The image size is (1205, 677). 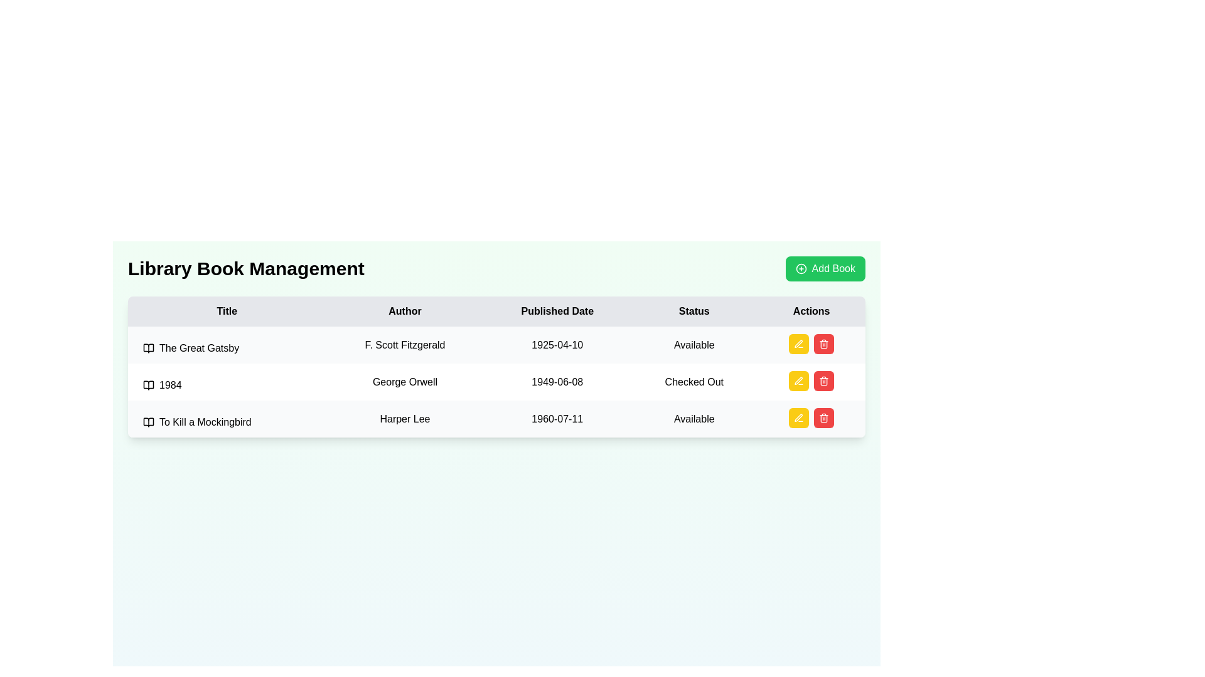 What do you see at coordinates (148, 422) in the screenshot?
I see `the open book icon located in the leftmost column under the 'Title' header, specifically in the third row associated with 'To Kill a Mockingbird.'` at bounding box center [148, 422].